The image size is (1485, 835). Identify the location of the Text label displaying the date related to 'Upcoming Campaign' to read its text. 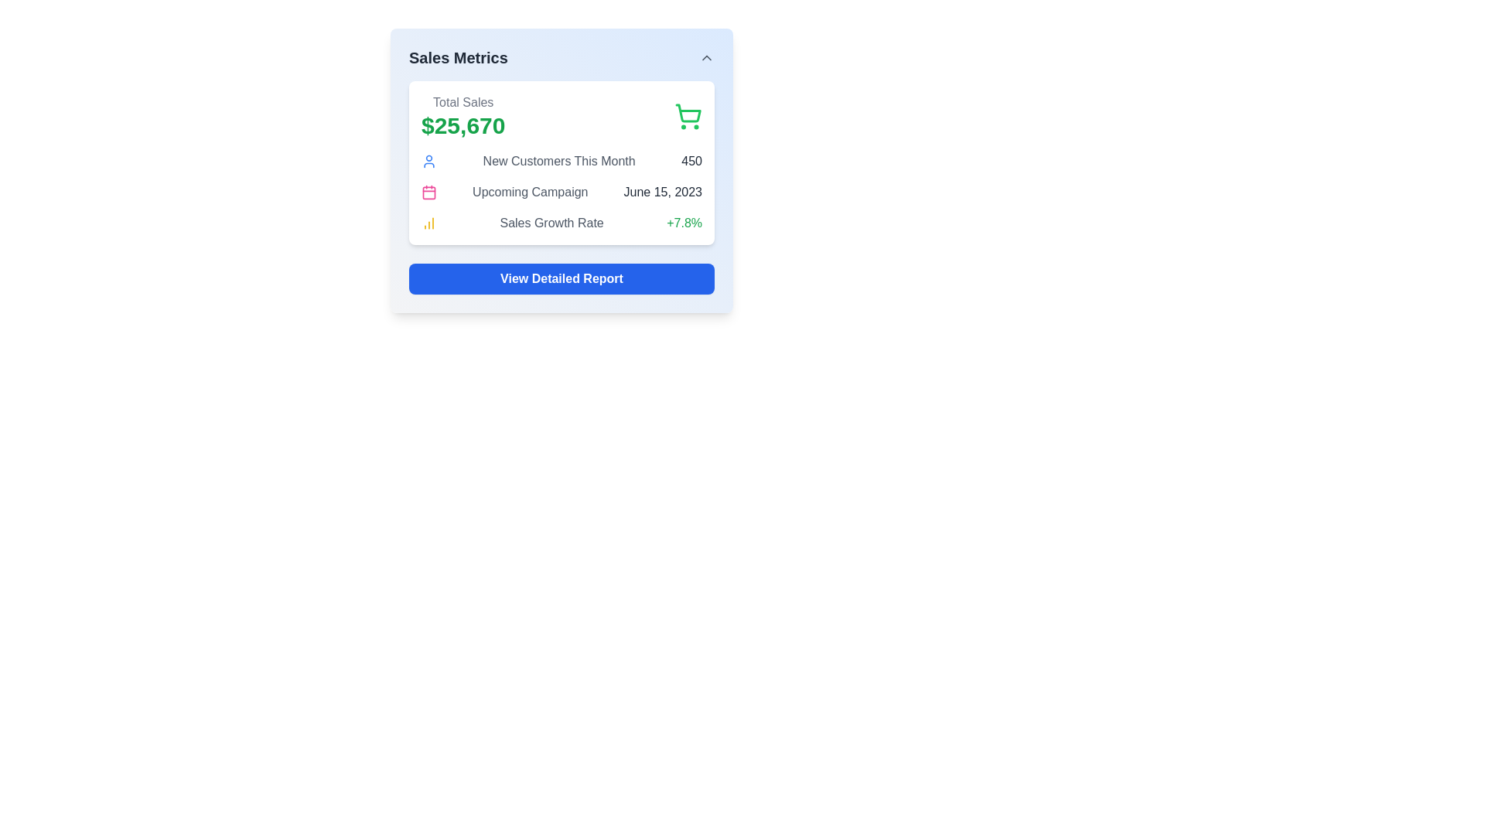
(663, 192).